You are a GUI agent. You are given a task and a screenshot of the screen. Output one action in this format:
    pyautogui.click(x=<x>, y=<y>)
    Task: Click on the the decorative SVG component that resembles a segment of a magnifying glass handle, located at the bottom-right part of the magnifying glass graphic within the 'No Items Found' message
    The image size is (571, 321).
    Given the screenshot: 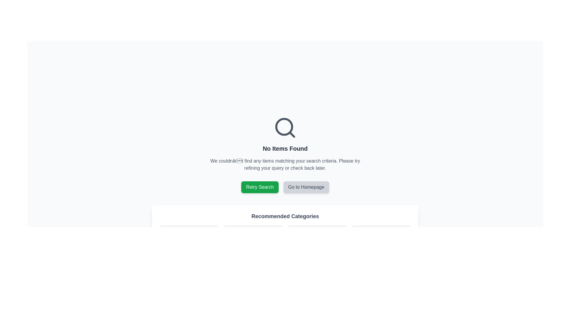 What is the action you would take?
    pyautogui.click(x=292, y=134)
    